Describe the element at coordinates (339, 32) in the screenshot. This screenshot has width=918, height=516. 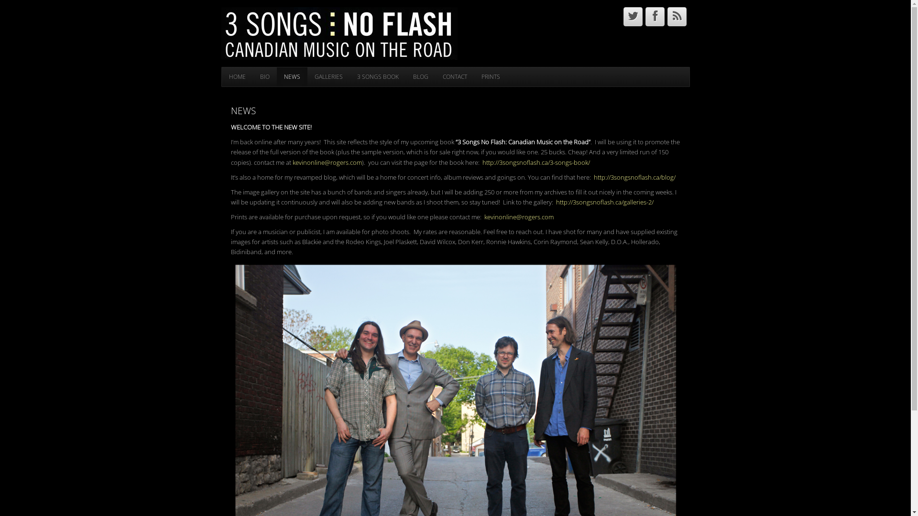
I see `'3 Songs No Flash'` at that location.